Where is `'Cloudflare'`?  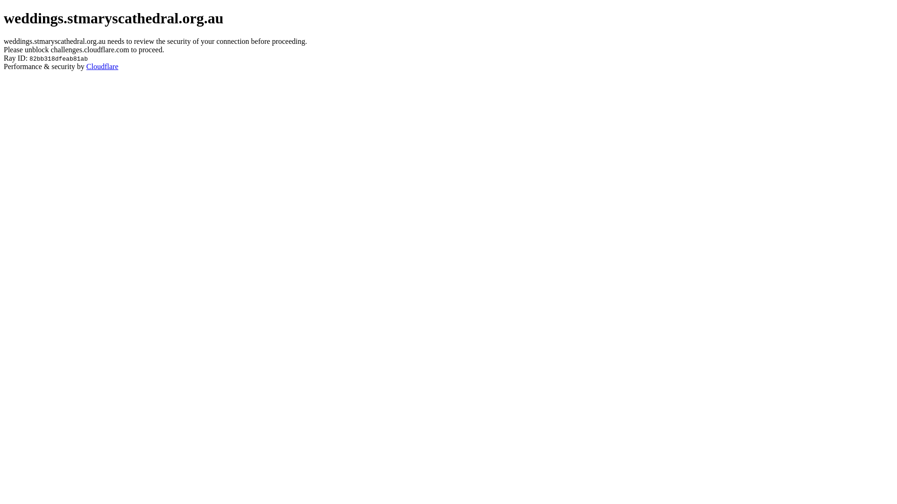 'Cloudflare' is located at coordinates (102, 66).